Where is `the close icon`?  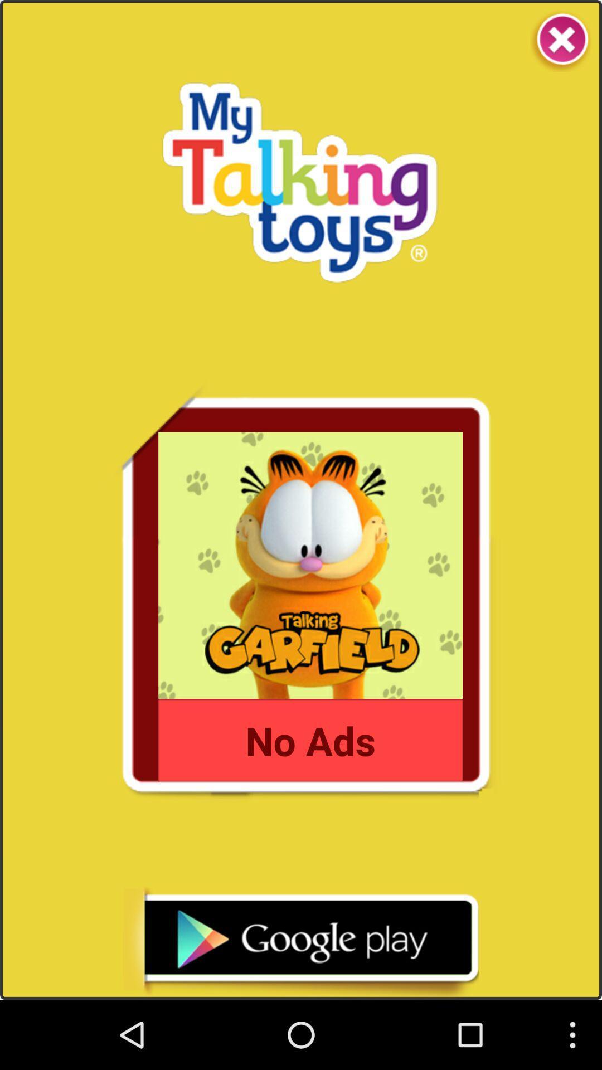 the close icon is located at coordinates (561, 44).